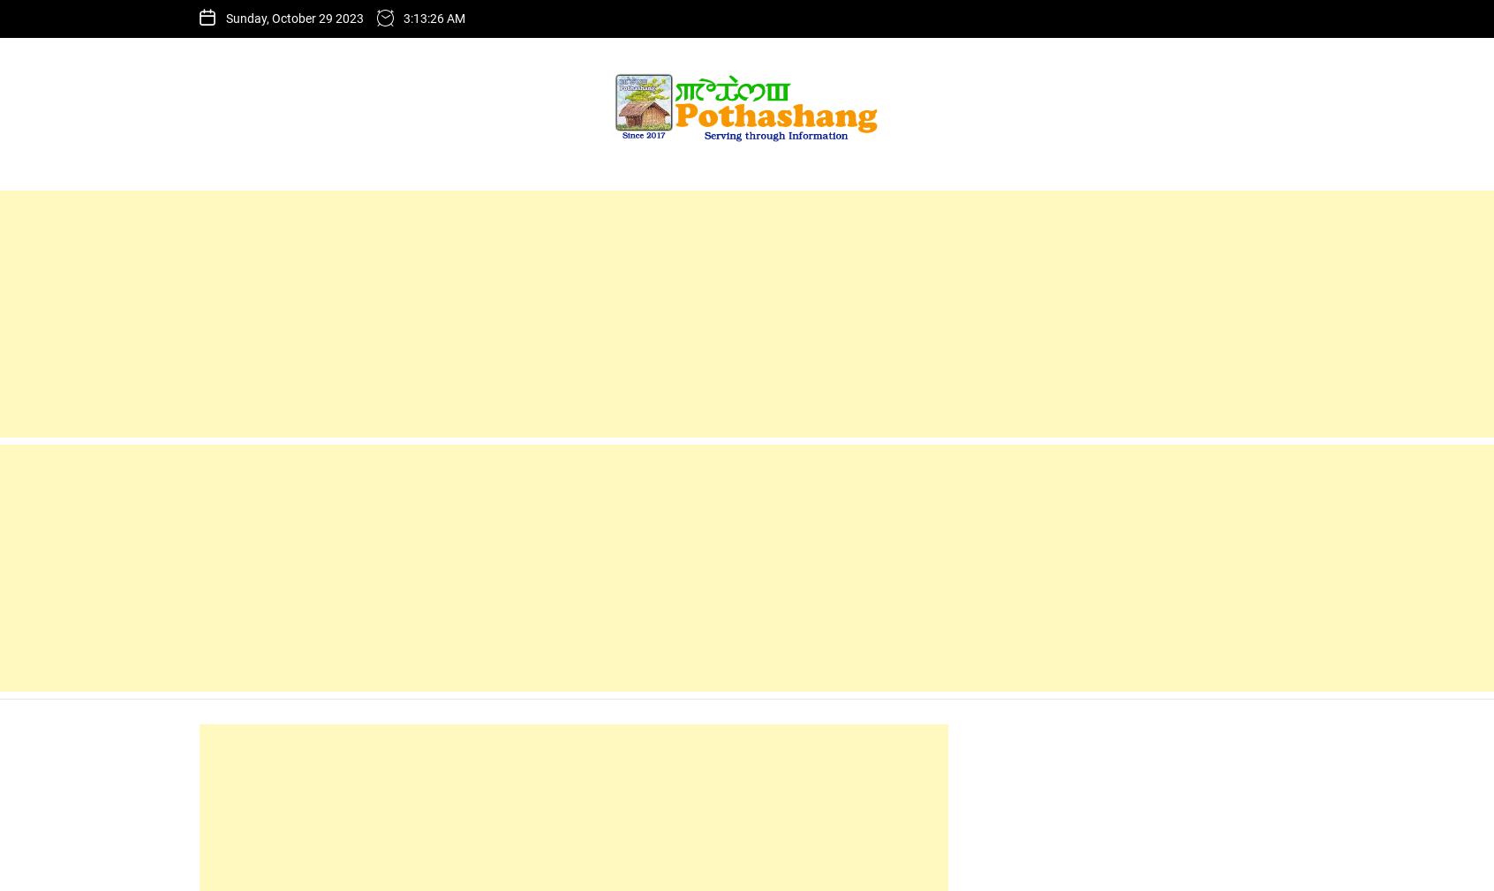 This screenshot has height=891, width=1494. What do you see at coordinates (259, 20) in the screenshot?
I see `'Home'` at bounding box center [259, 20].